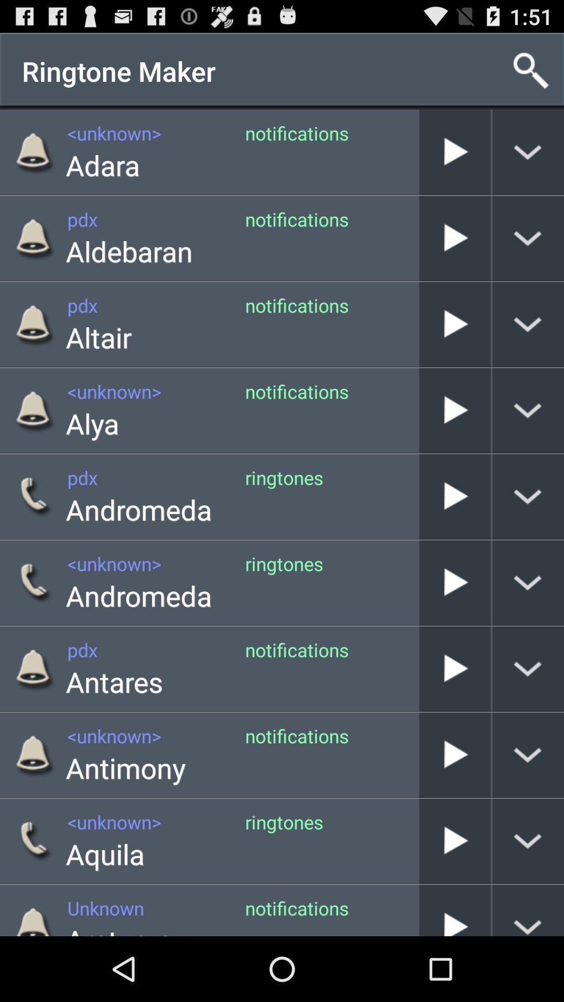 This screenshot has height=1002, width=564. Describe the element at coordinates (528, 841) in the screenshot. I see `open menu` at that location.